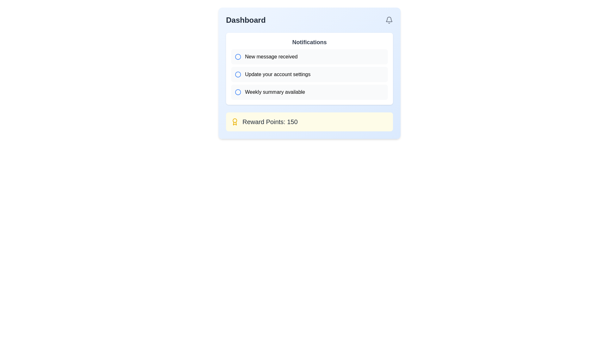 The height and width of the screenshot is (341, 607). What do you see at coordinates (310, 69) in the screenshot?
I see `an individual notification within the vertically stacked notification panel labeled 'Notifications'` at bounding box center [310, 69].